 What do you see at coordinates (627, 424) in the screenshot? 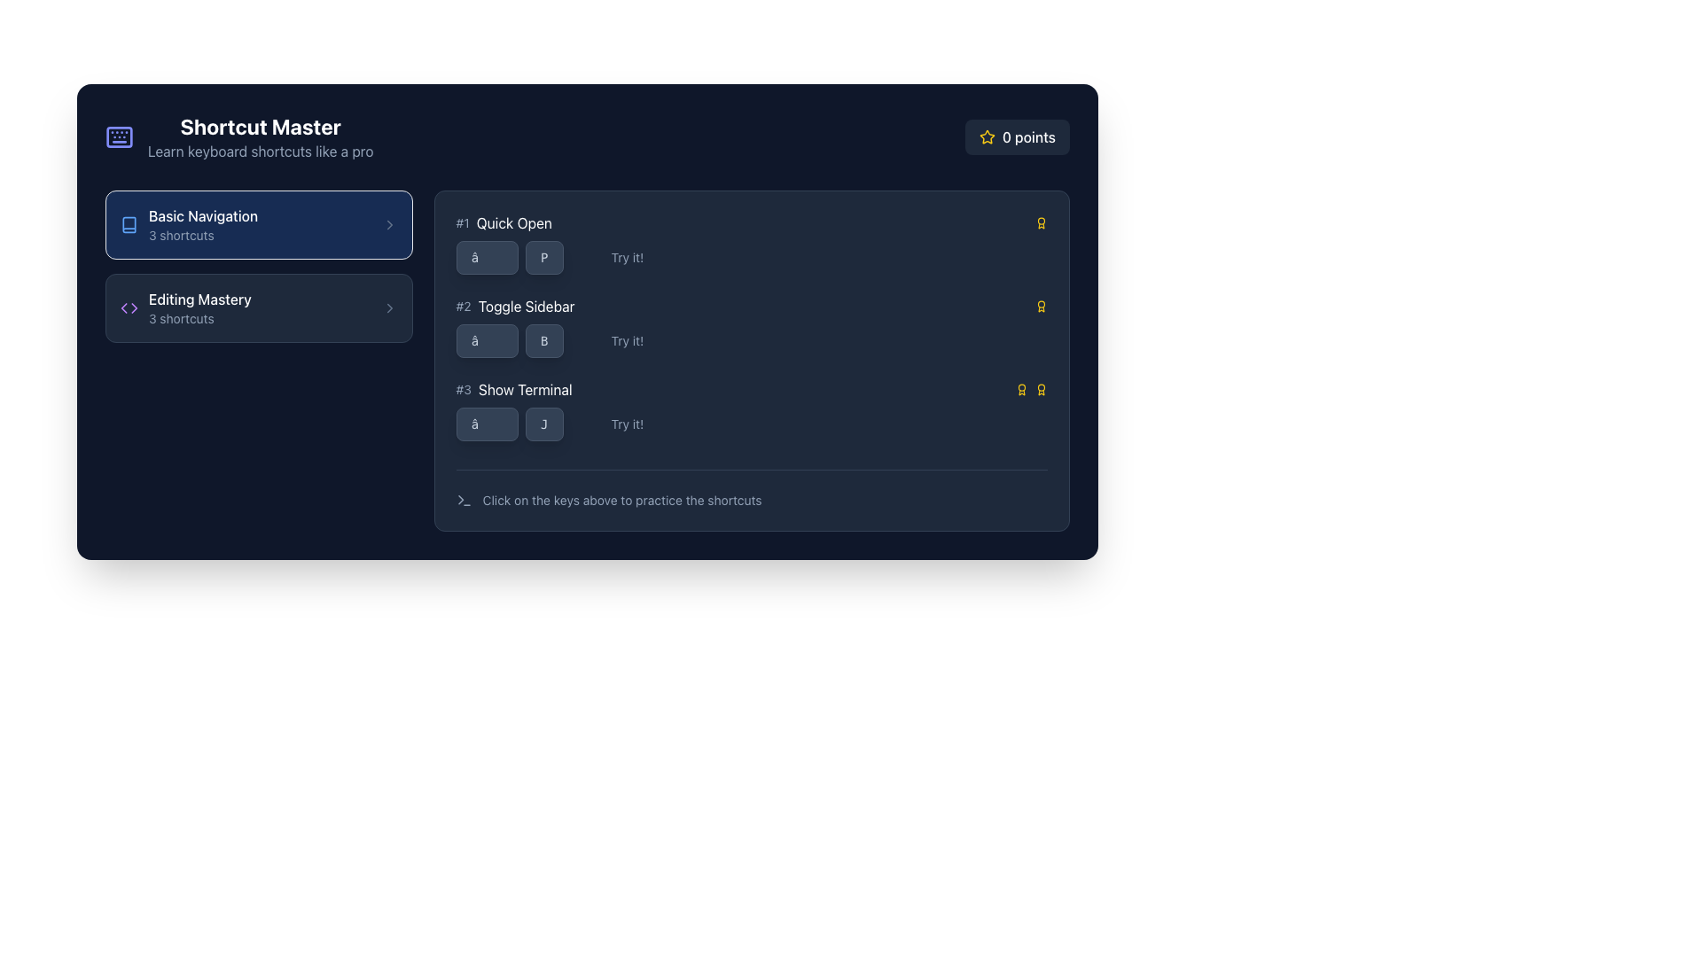
I see `the text label displaying 'Try it!' that is styled in a small light gray font and positioned adjacent to the 'Show Terminal' entry in the list` at bounding box center [627, 424].